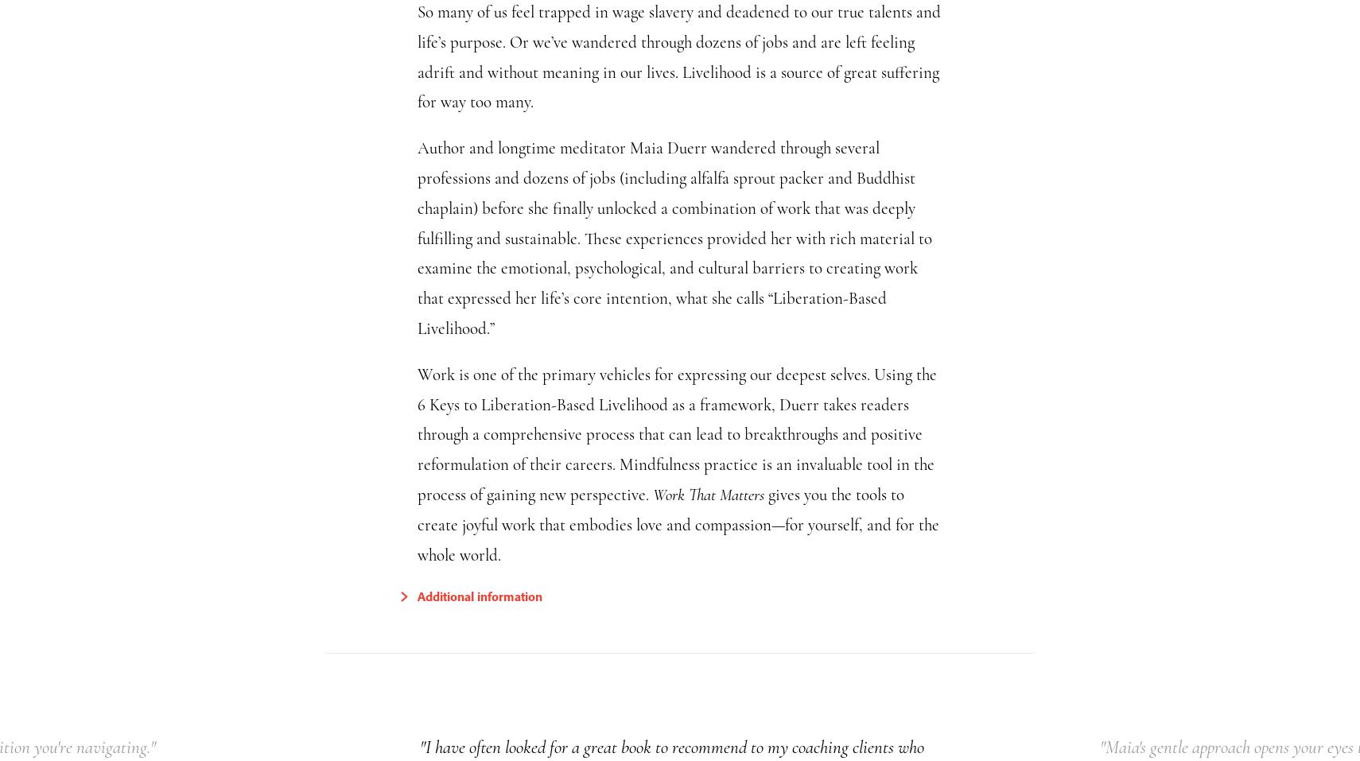  I want to click on 'We have cookies! We use them to analyse our website traffic and provide email and social media features.', so click(1234, 720).